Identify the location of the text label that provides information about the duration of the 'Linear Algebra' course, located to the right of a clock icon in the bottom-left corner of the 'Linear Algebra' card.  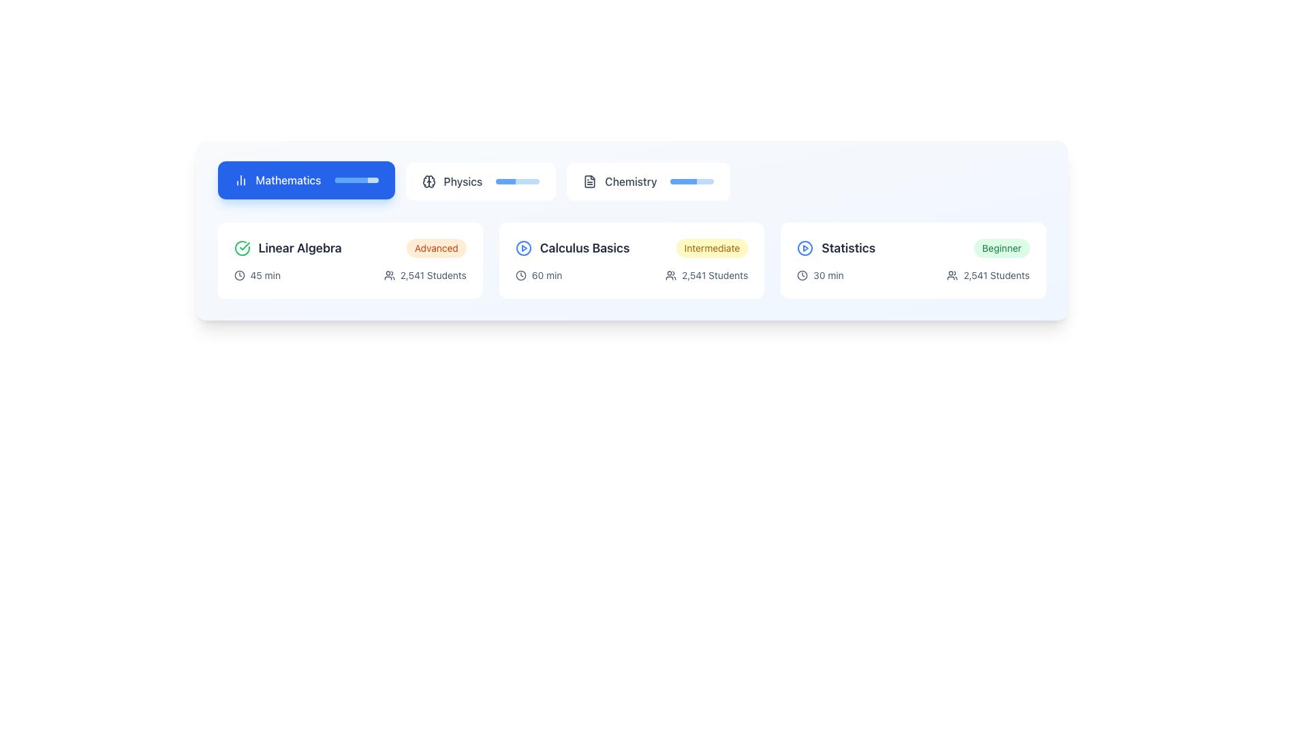
(265, 276).